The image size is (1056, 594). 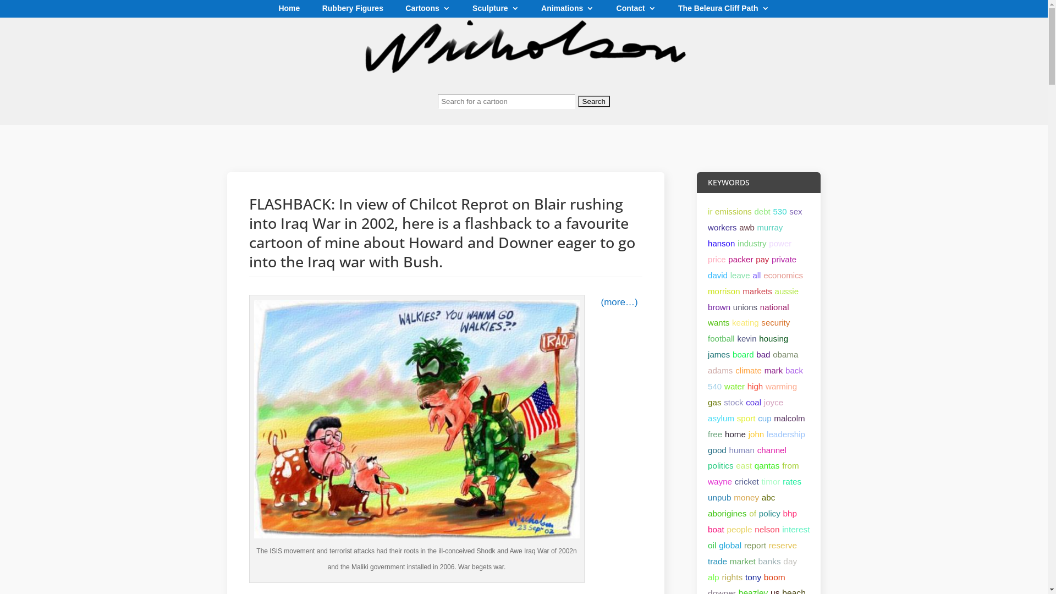 I want to click on 'pay', so click(x=762, y=259).